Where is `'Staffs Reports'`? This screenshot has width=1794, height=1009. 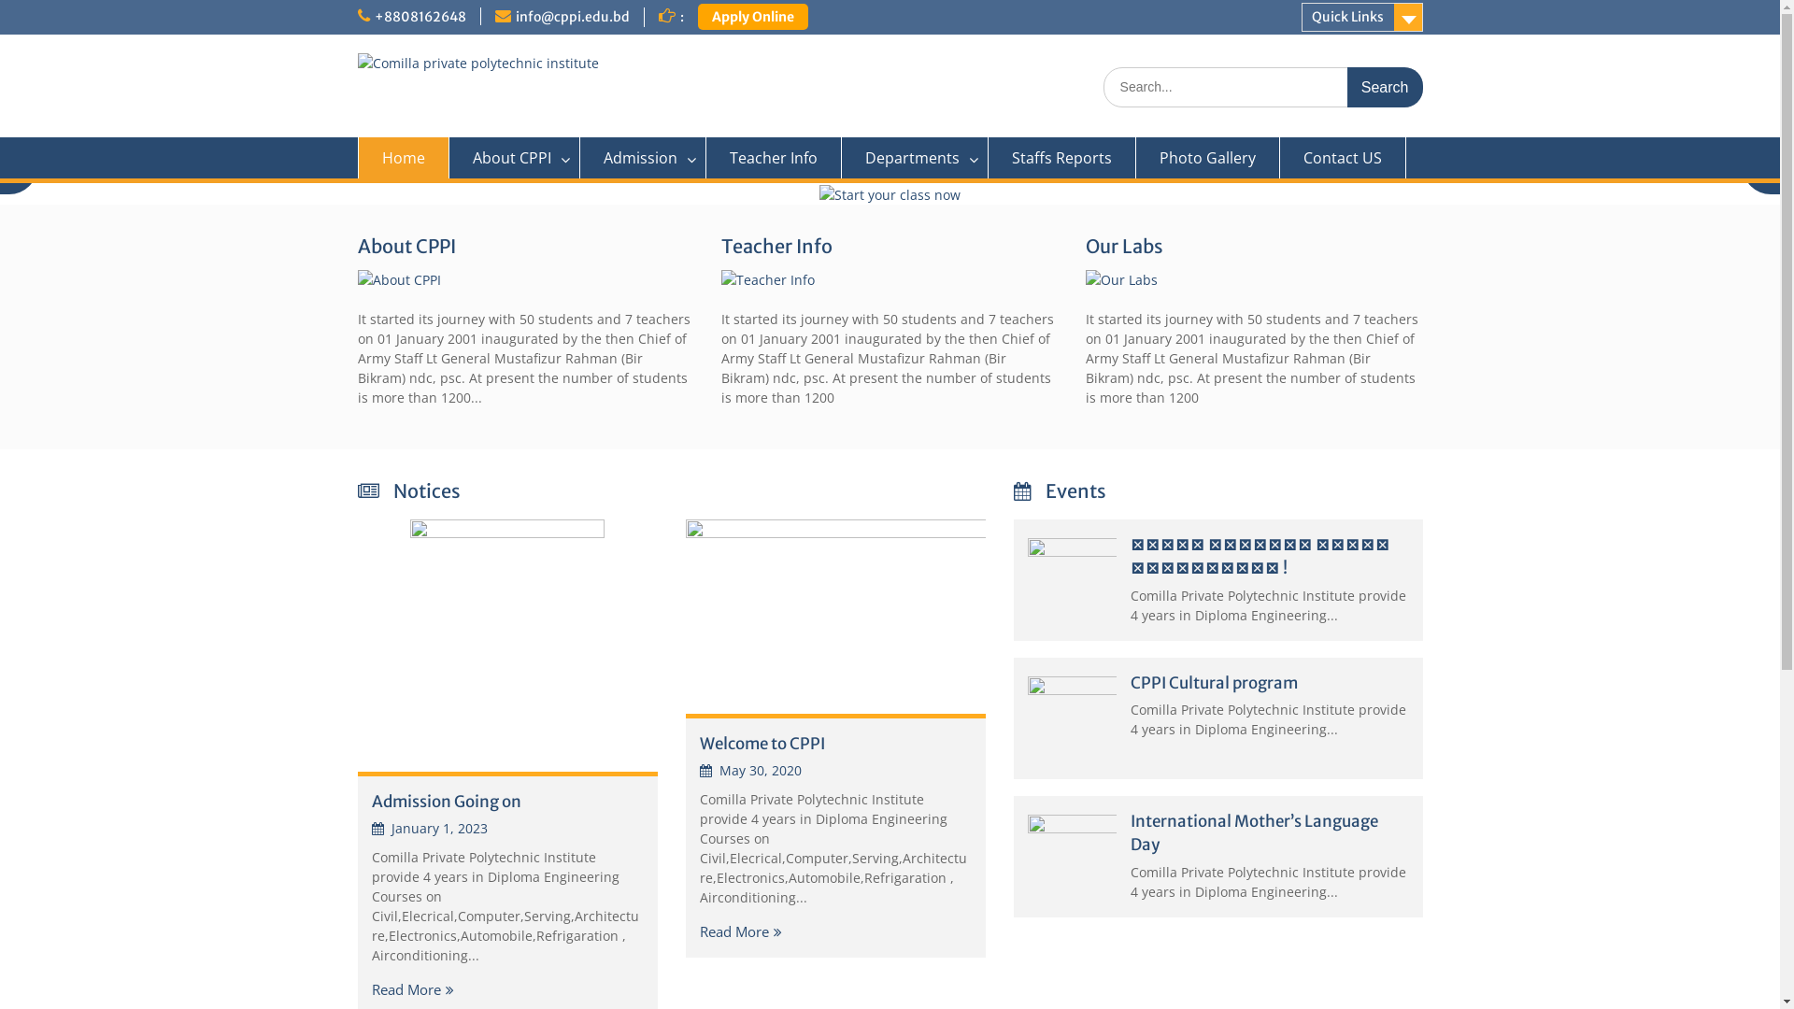 'Staffs Reports' is located at coordinates (1062, 157).